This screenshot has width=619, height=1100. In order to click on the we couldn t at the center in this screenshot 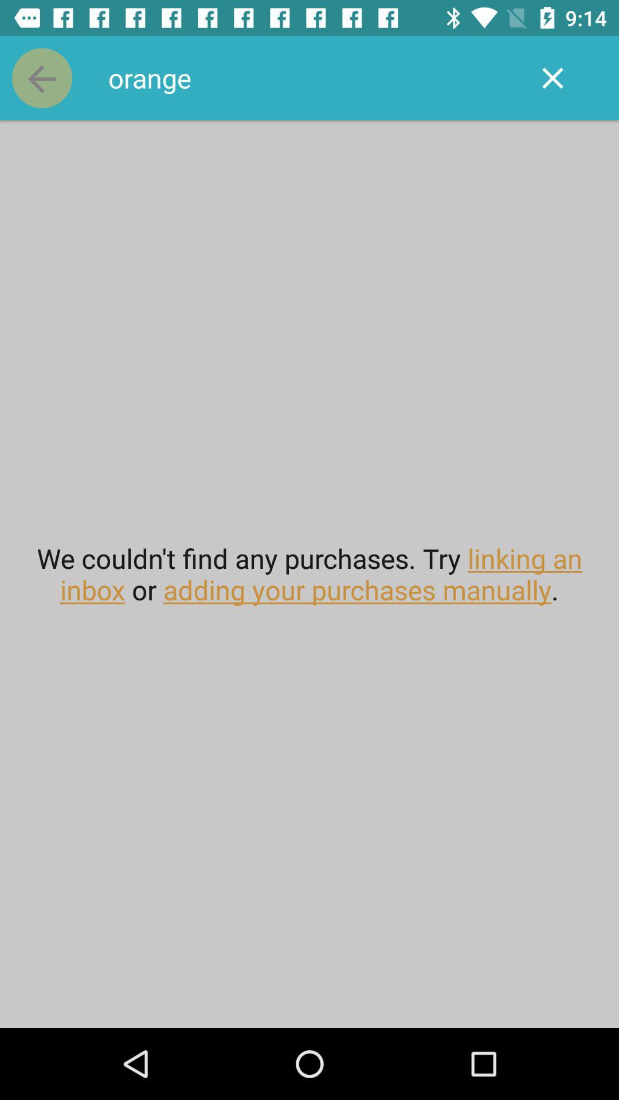, I will do `click(309, 574)`.